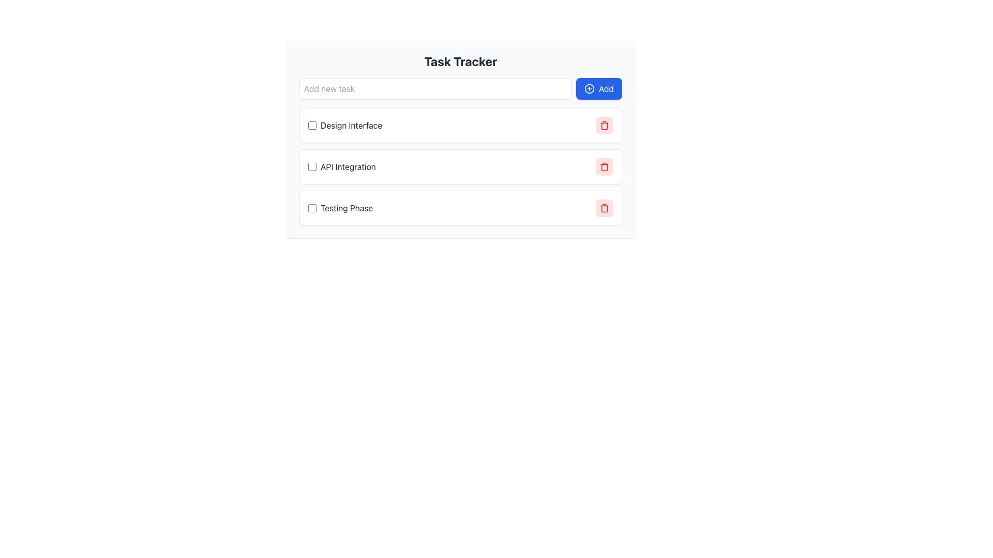 This screenshot has height=558, width=993. I want to click on the circular icon with a plus sign, so click(589, 88).